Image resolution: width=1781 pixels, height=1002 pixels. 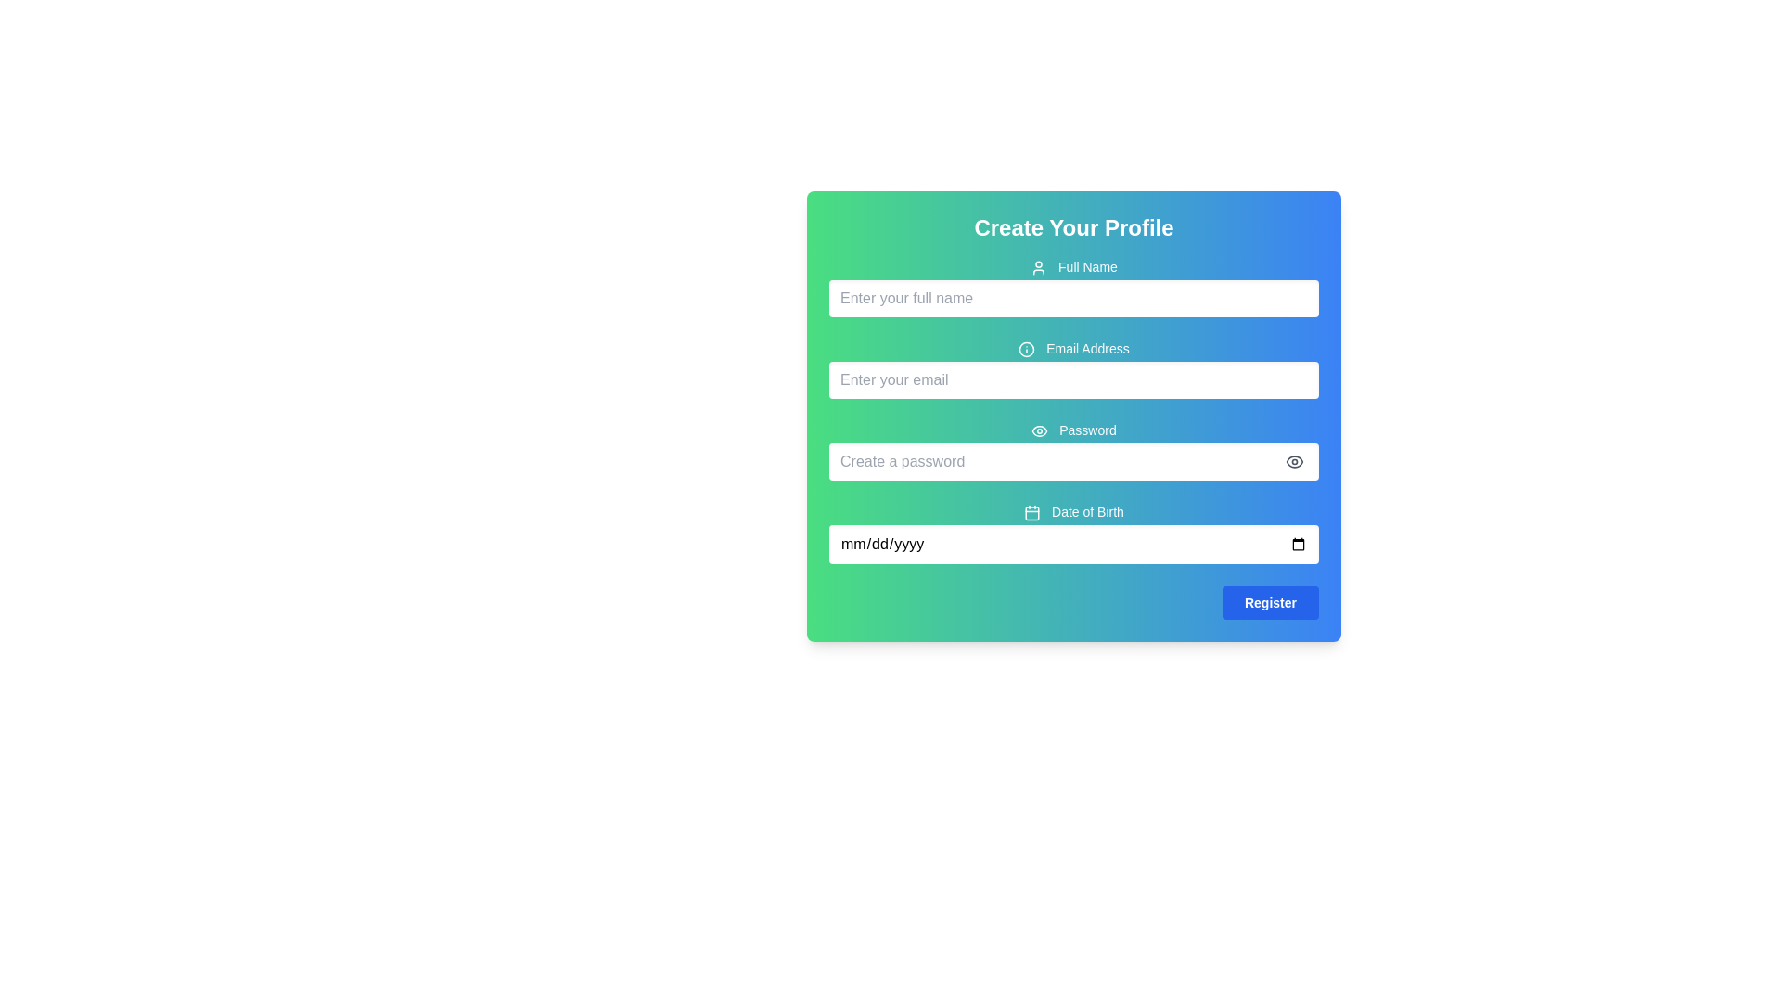 What do you see at coordinates (1073, 287) in the screenshot?
I see `the 'Full Name' text input field to focus on it` at bounding box center [1073, 287].